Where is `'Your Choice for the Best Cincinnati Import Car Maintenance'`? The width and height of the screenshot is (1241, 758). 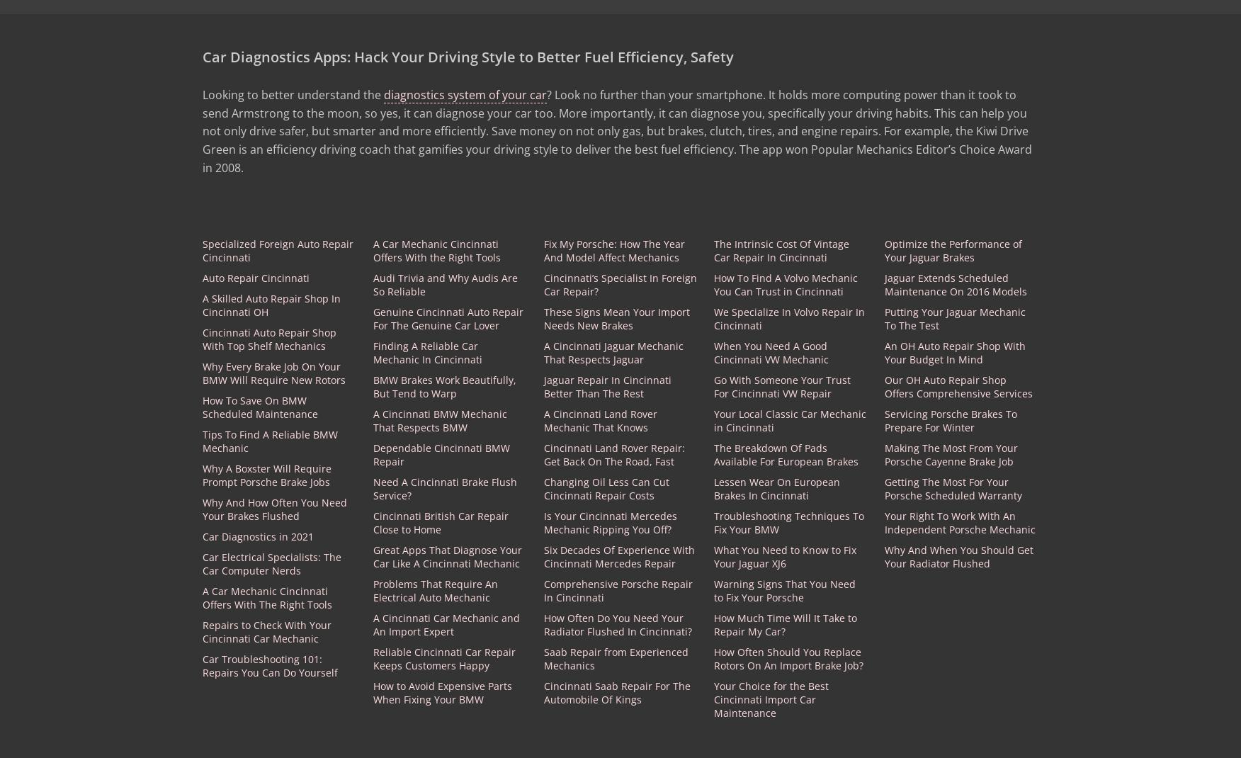 'Your Choice for the Best Cincinnati Import Car Maintenance' is located at coordinates (771, 699).